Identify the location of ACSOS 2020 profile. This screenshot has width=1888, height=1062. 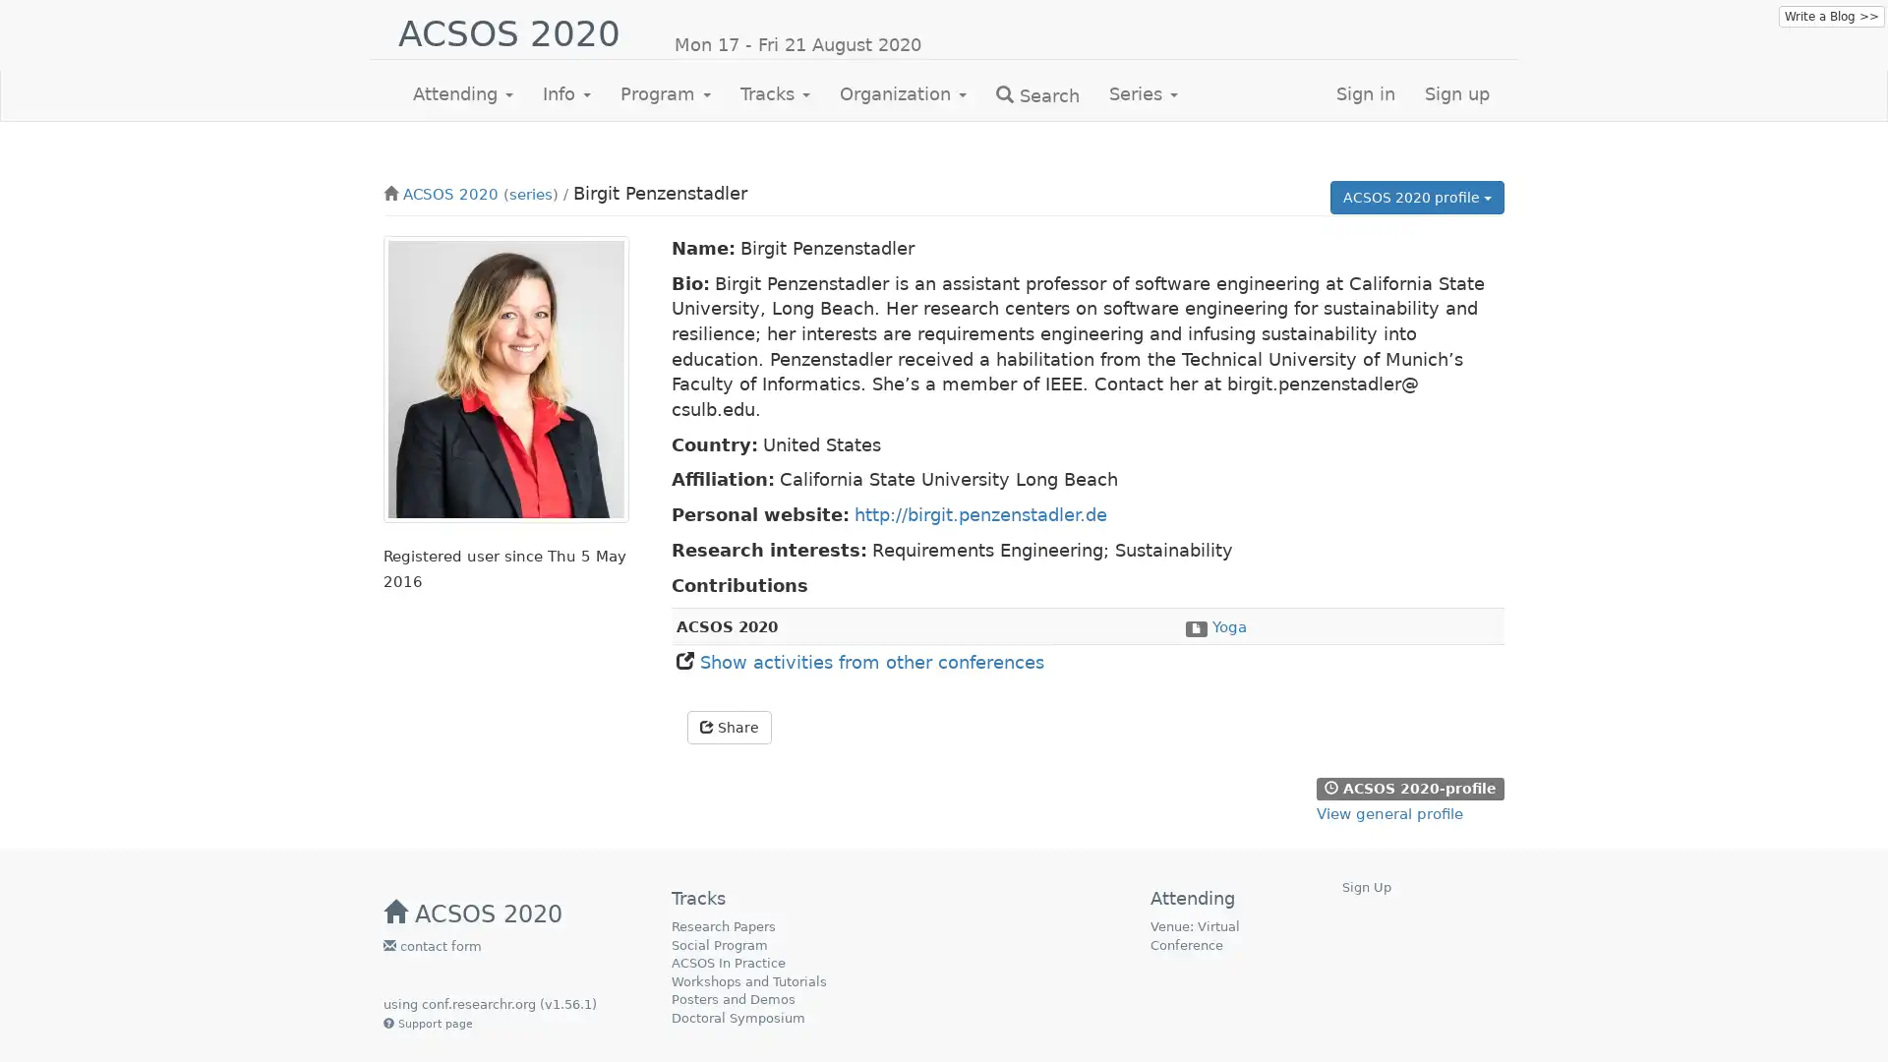
(1417, 197).